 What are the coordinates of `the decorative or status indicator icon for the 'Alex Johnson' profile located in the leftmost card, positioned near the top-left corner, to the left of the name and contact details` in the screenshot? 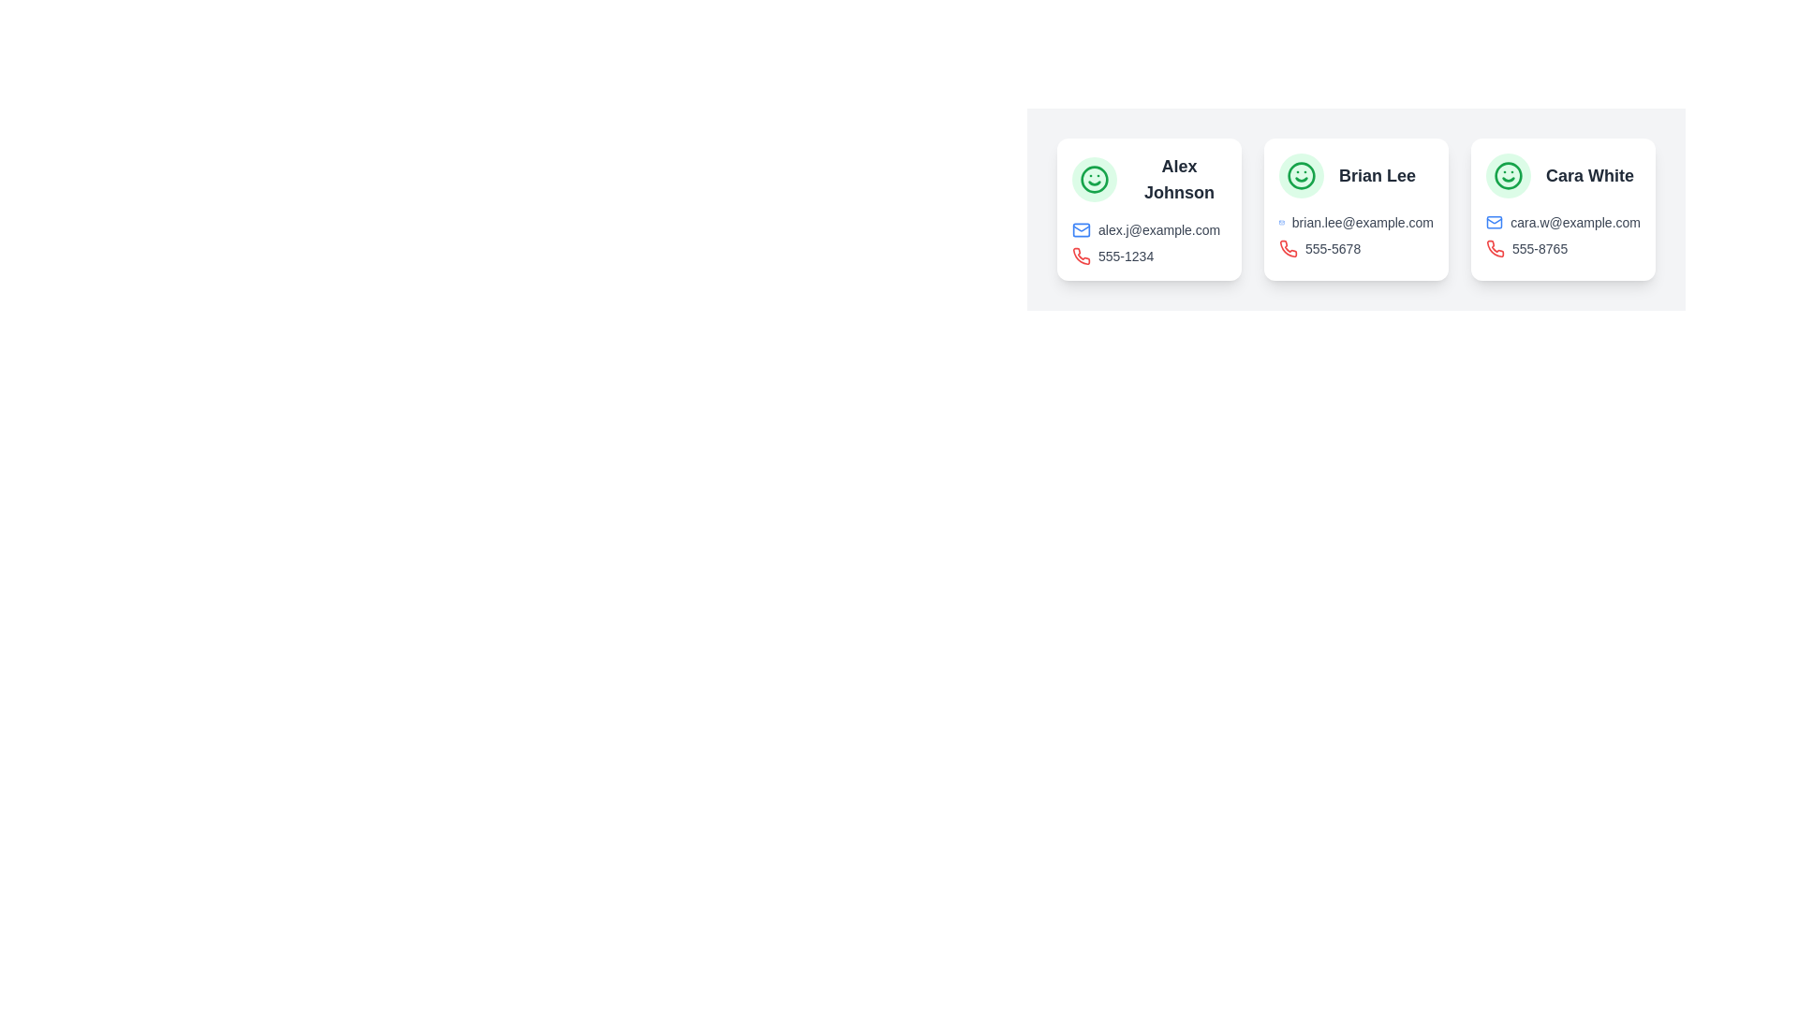 It's located at (1095, 180).